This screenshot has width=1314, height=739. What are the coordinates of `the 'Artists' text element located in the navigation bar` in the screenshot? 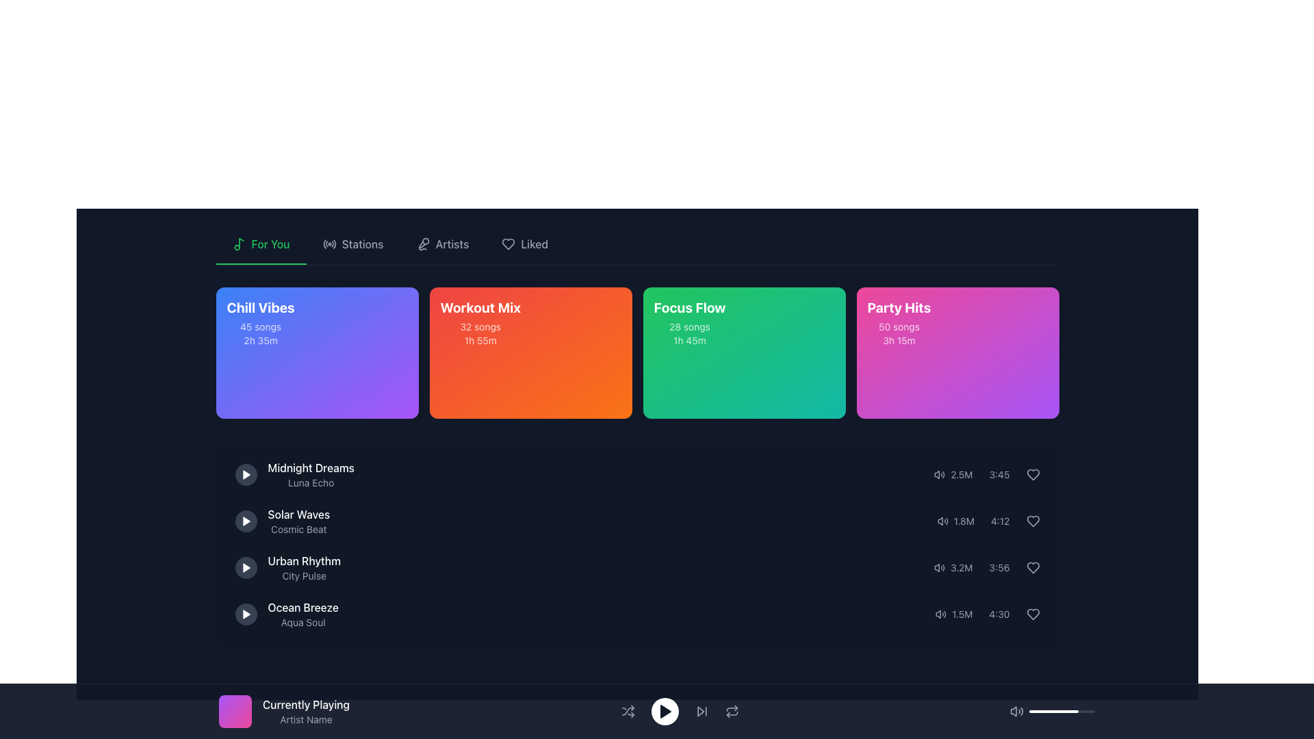 It's located at (452, 244).